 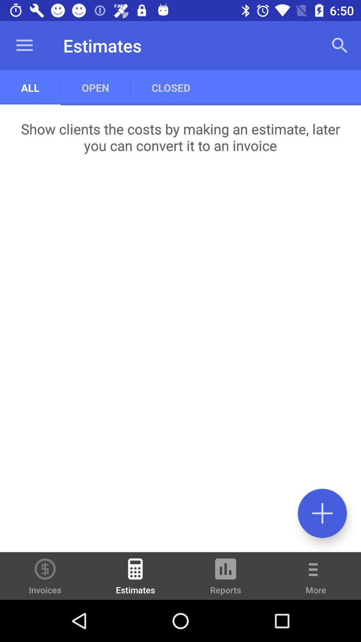 What do you see at coordinates (45, 575) in the screenshot?
I see `item next to the estimates icon` at bounding box center [45, 575].